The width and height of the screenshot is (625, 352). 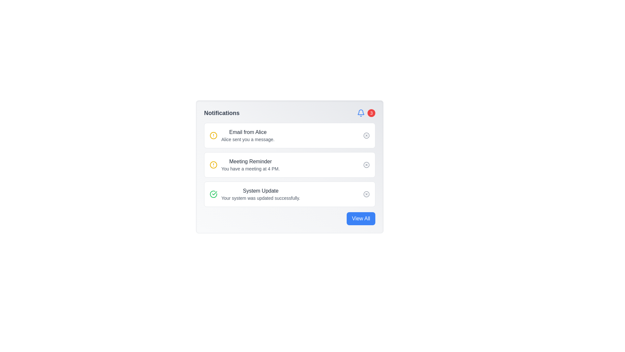 What do you see at coordinates (247, 139) in the screenshot?
I see `the static text element providing additional context for the notification titled 'Email from Alice', located in the first notification block of the notification panel` at bounding box center [247, 139].